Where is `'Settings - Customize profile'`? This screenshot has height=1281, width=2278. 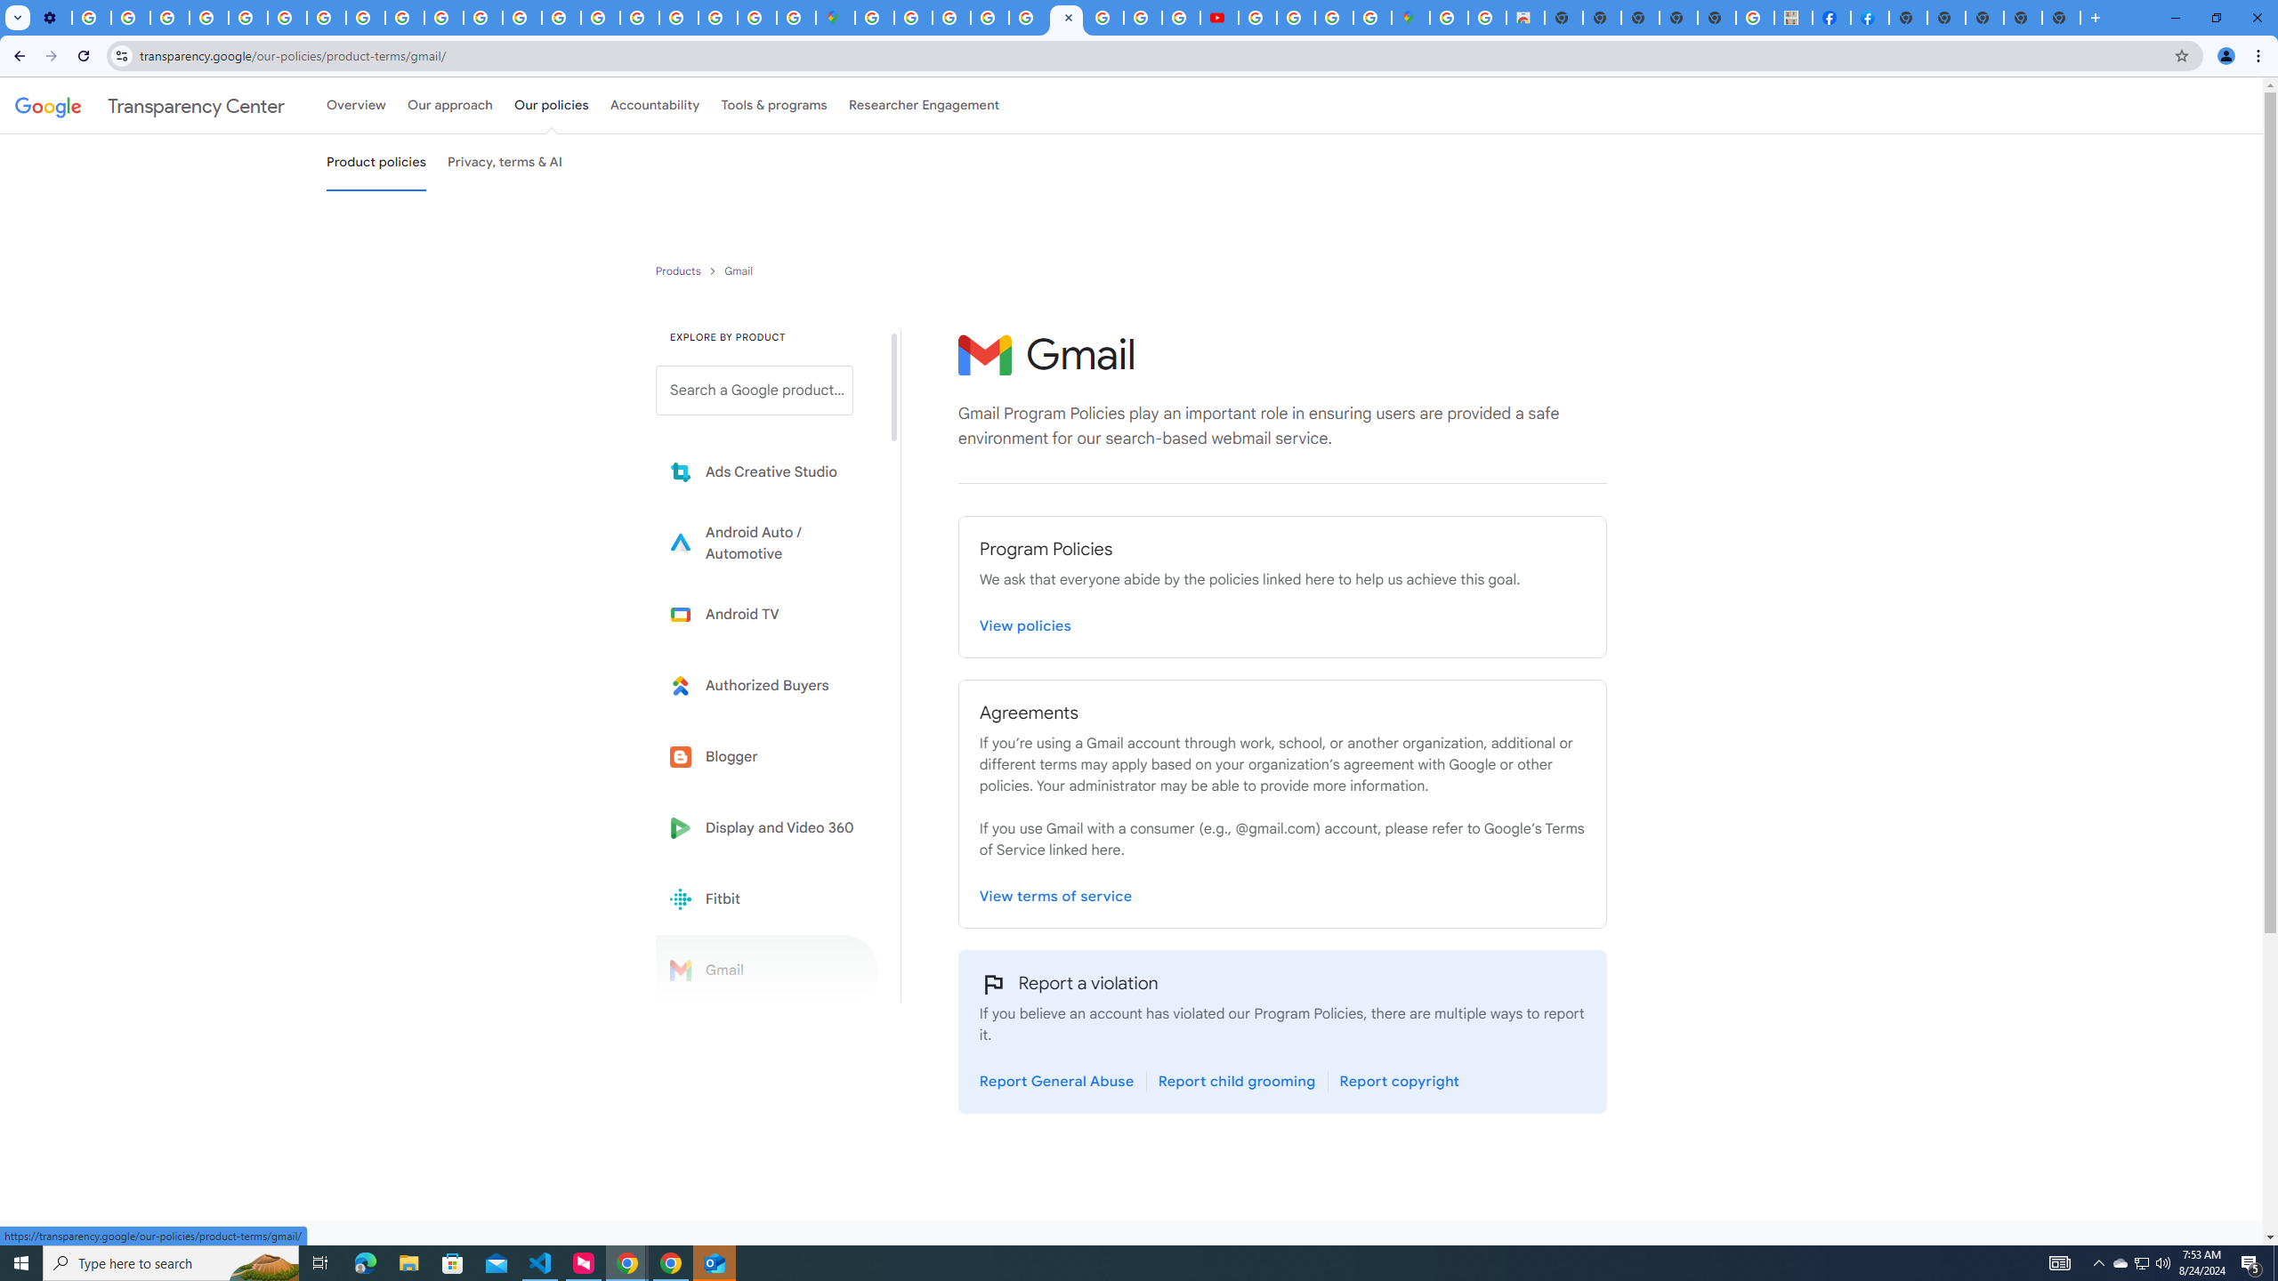 'Settings - Customize profile' is located at coordinates (51, 17).